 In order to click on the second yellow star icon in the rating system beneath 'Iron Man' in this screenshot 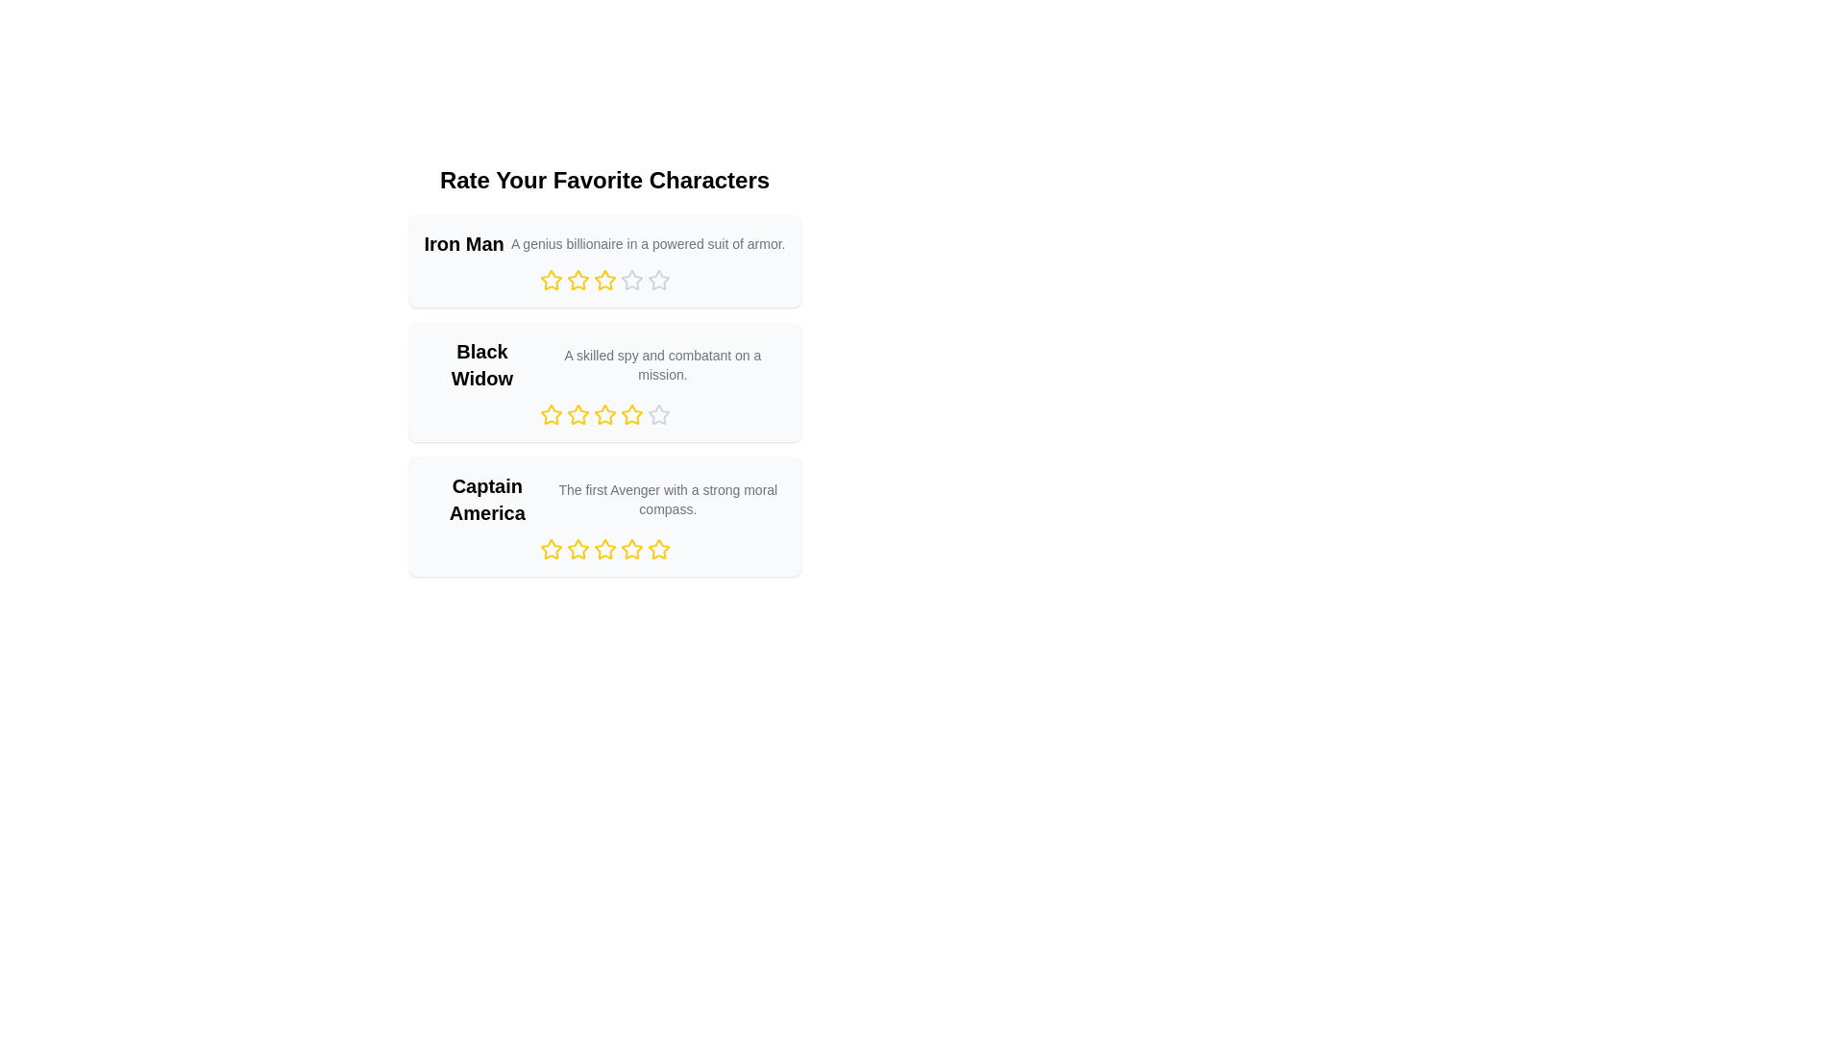, I will do `click(550, 281)`.